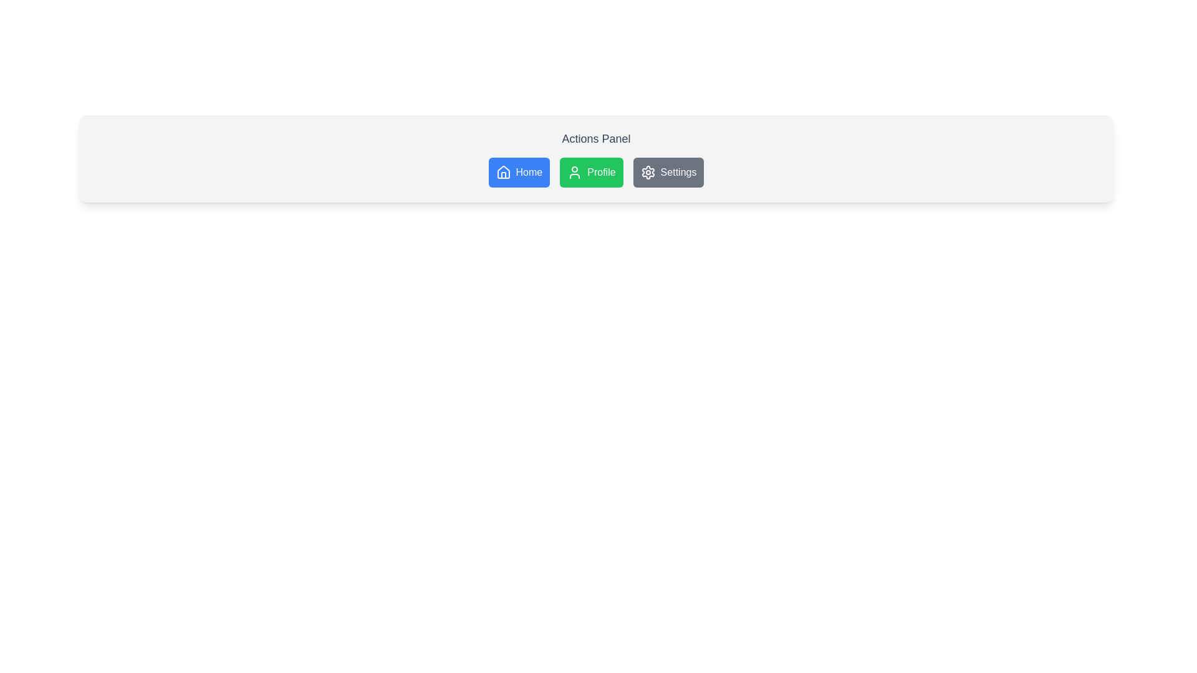 This screenshot has height=673, width=1197. Describe the element at coordinates (503, 175) in the screenshot. I see `vertical post element within the house icon, located in the lower portion of the icon, which is part of the leftmost 'Home' button in the upper panel` at that location.